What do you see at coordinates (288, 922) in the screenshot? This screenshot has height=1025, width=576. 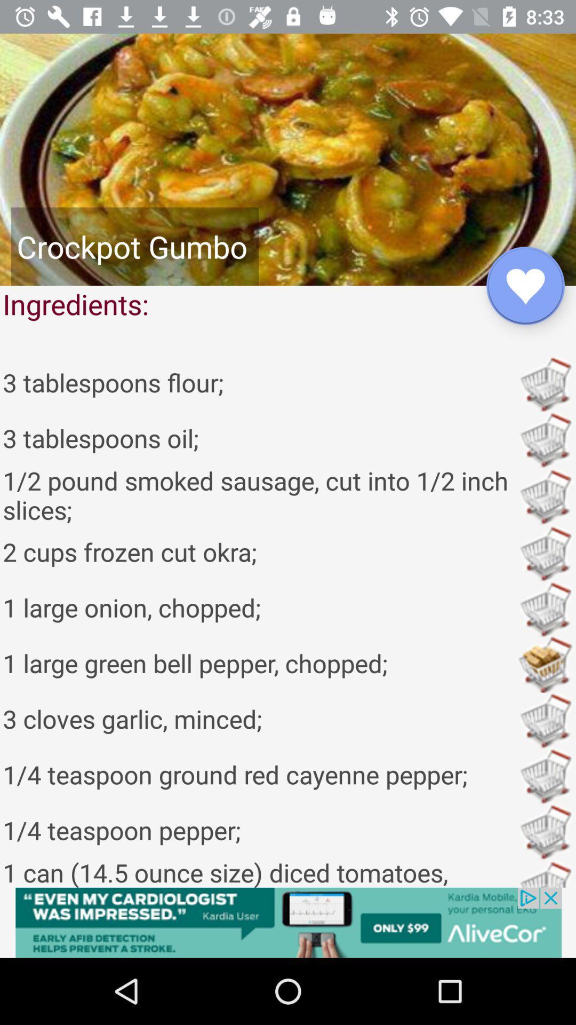 I see `advertisement` at bounding box center [288, 922].